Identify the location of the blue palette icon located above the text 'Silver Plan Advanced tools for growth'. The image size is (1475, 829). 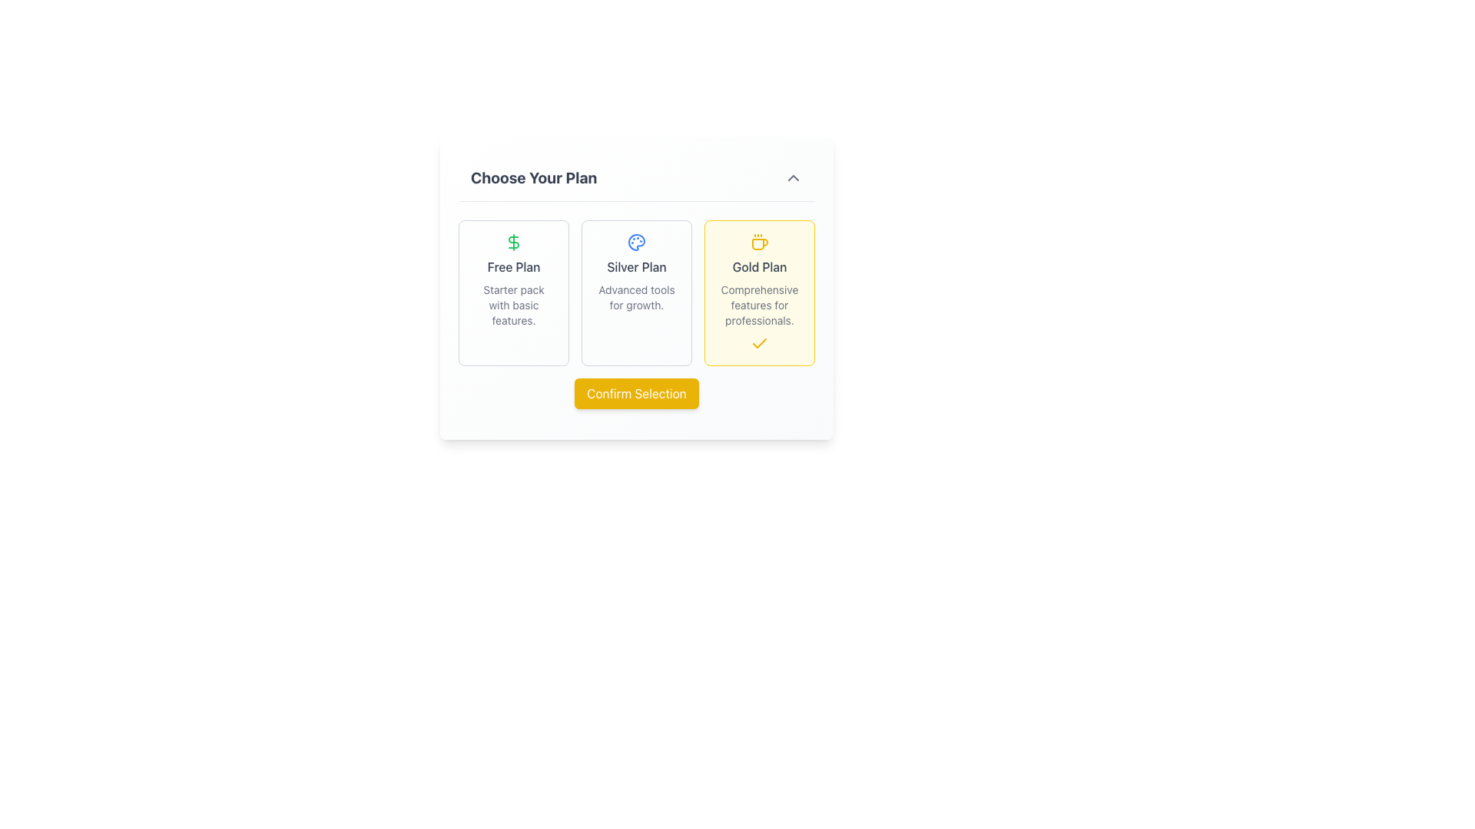
(637, 242).